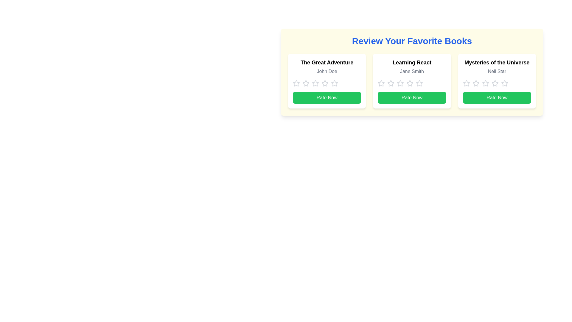 This screenshot has height=322, width=572. I want to click on the fourth Interactive Star Icon in the rating system for the book 'Learning React' by Jane Smith, so click(419, 83).